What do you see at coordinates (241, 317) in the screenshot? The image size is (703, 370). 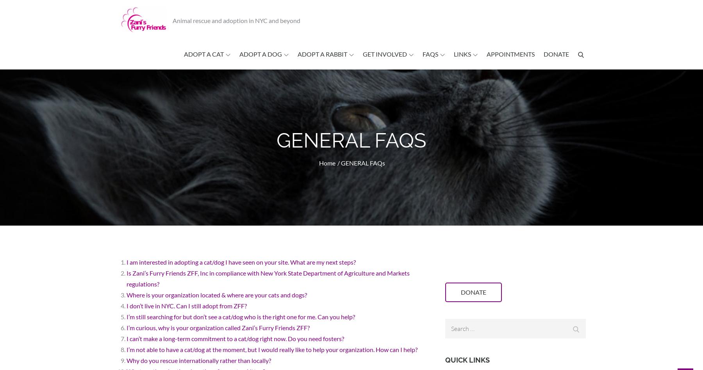 I see `'I’m still searching for but don’t see a cat/dog who is the right one for me. Can you help?'` at bounding box center [241, 317].